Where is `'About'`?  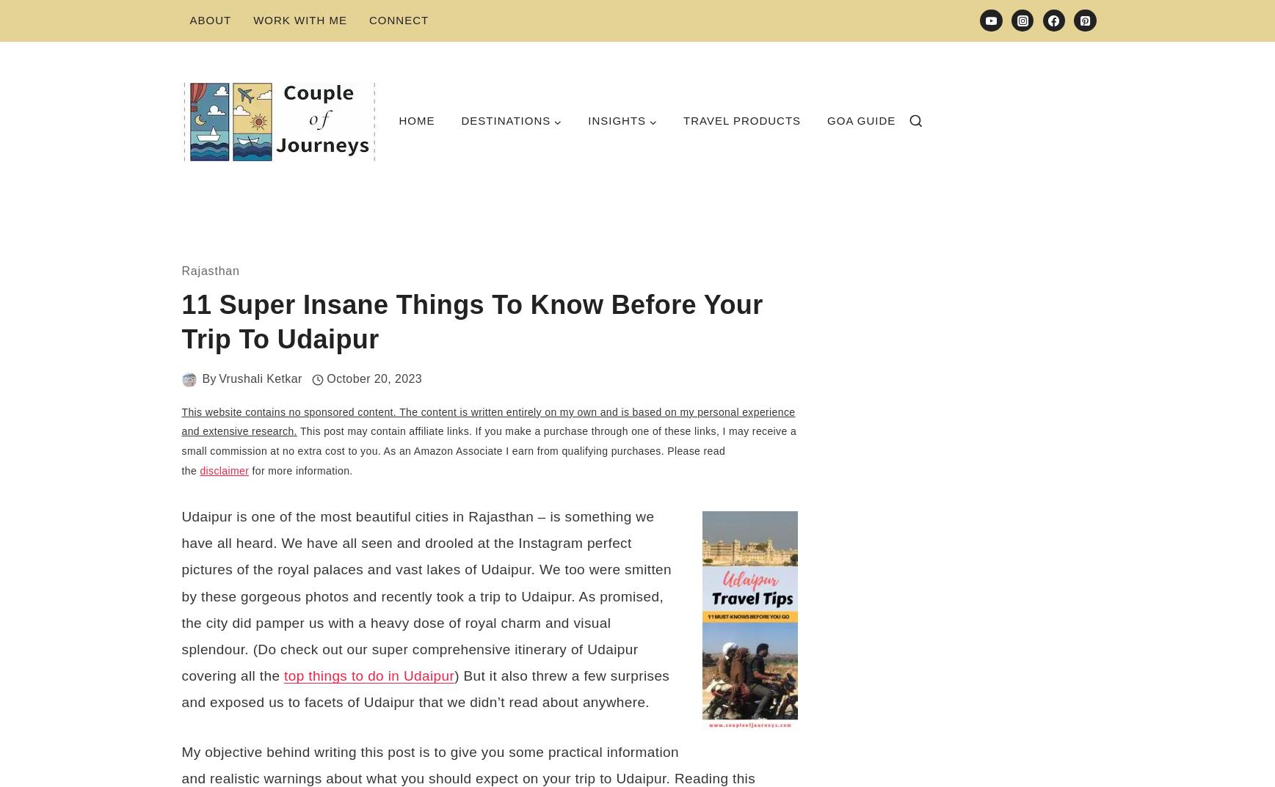 'About' is located at coordinates (209, 19).